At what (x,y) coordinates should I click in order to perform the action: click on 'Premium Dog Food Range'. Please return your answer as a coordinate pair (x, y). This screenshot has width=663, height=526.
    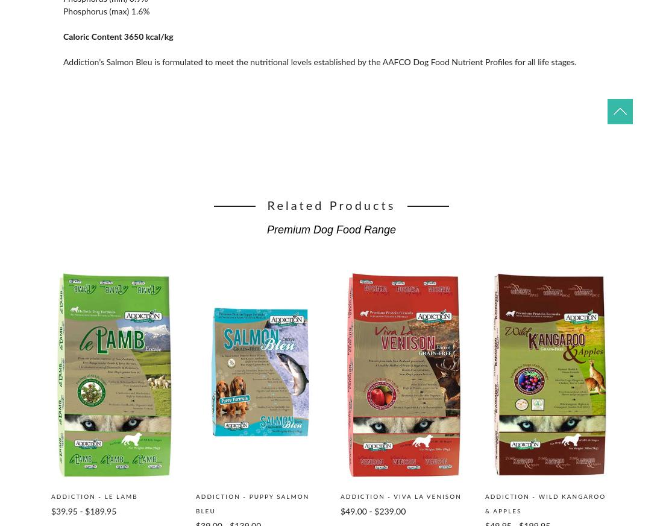
    Looking at the image, I should click on (331, 229).